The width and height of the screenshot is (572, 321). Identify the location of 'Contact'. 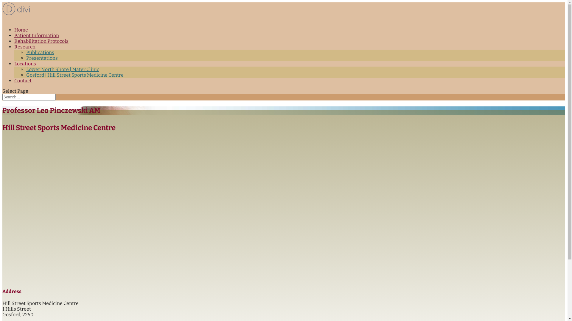
(14, 84).